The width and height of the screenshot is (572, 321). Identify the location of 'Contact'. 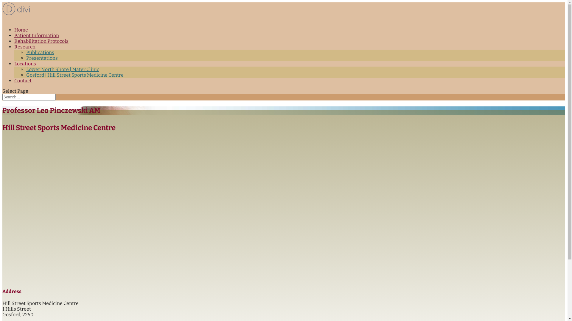
(14, 84).